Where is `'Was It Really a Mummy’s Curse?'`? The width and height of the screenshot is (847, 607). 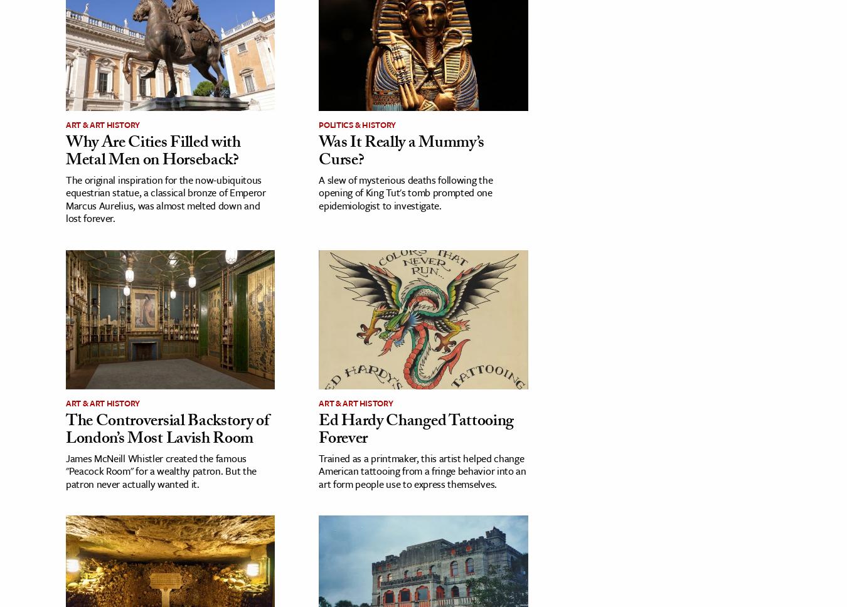 'Was It Really a Mummy’s Curse?' is located at coordinates (318, 152).